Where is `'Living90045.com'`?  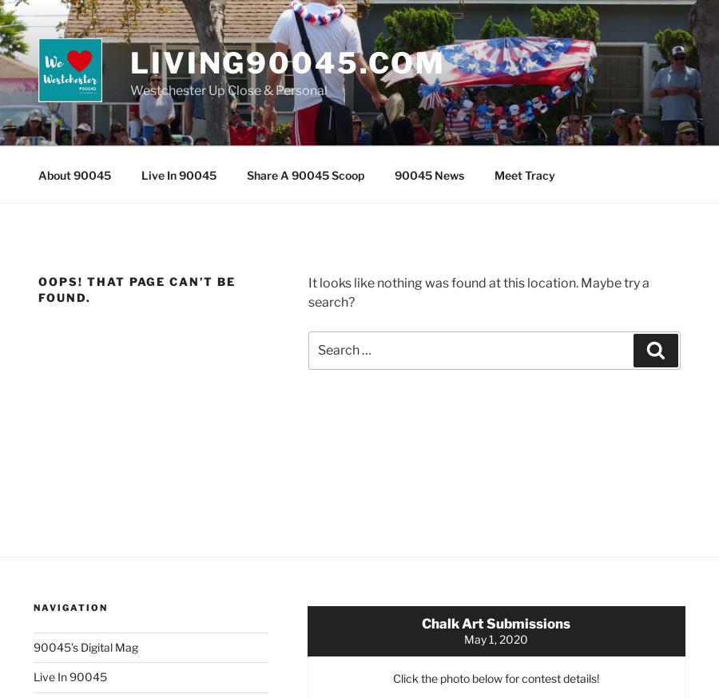
'Living90045.com' is located at coordinates (288, 63).